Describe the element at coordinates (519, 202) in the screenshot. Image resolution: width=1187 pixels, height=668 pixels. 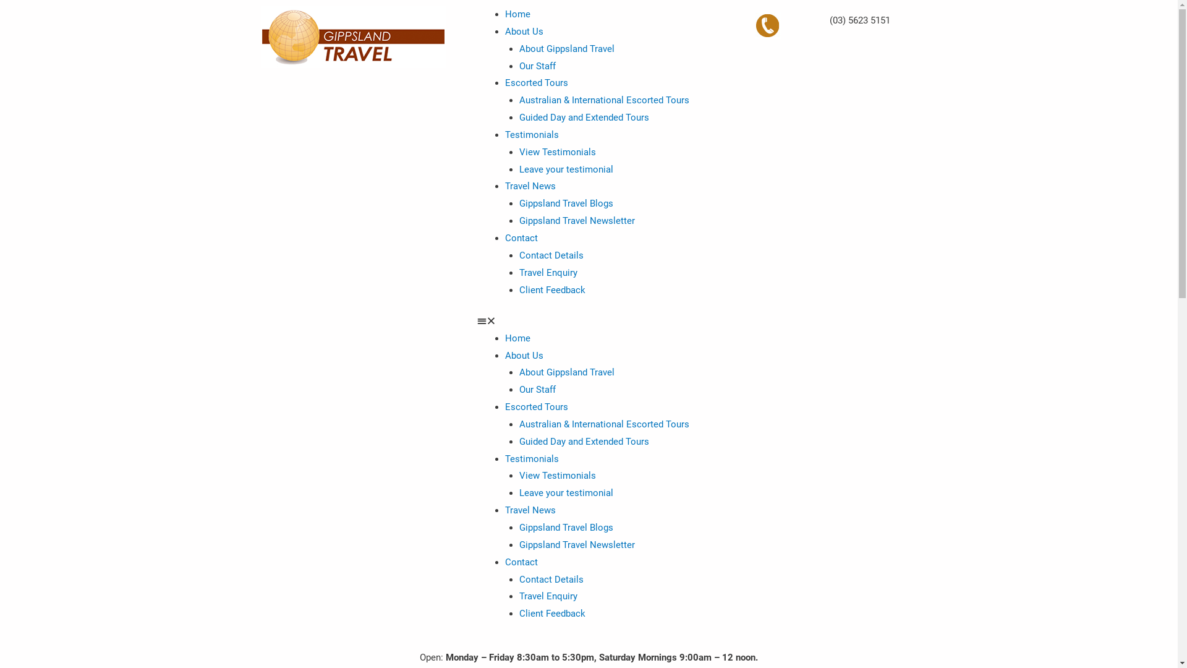
I see `'Gippsland Travel Blogs'` at that location.